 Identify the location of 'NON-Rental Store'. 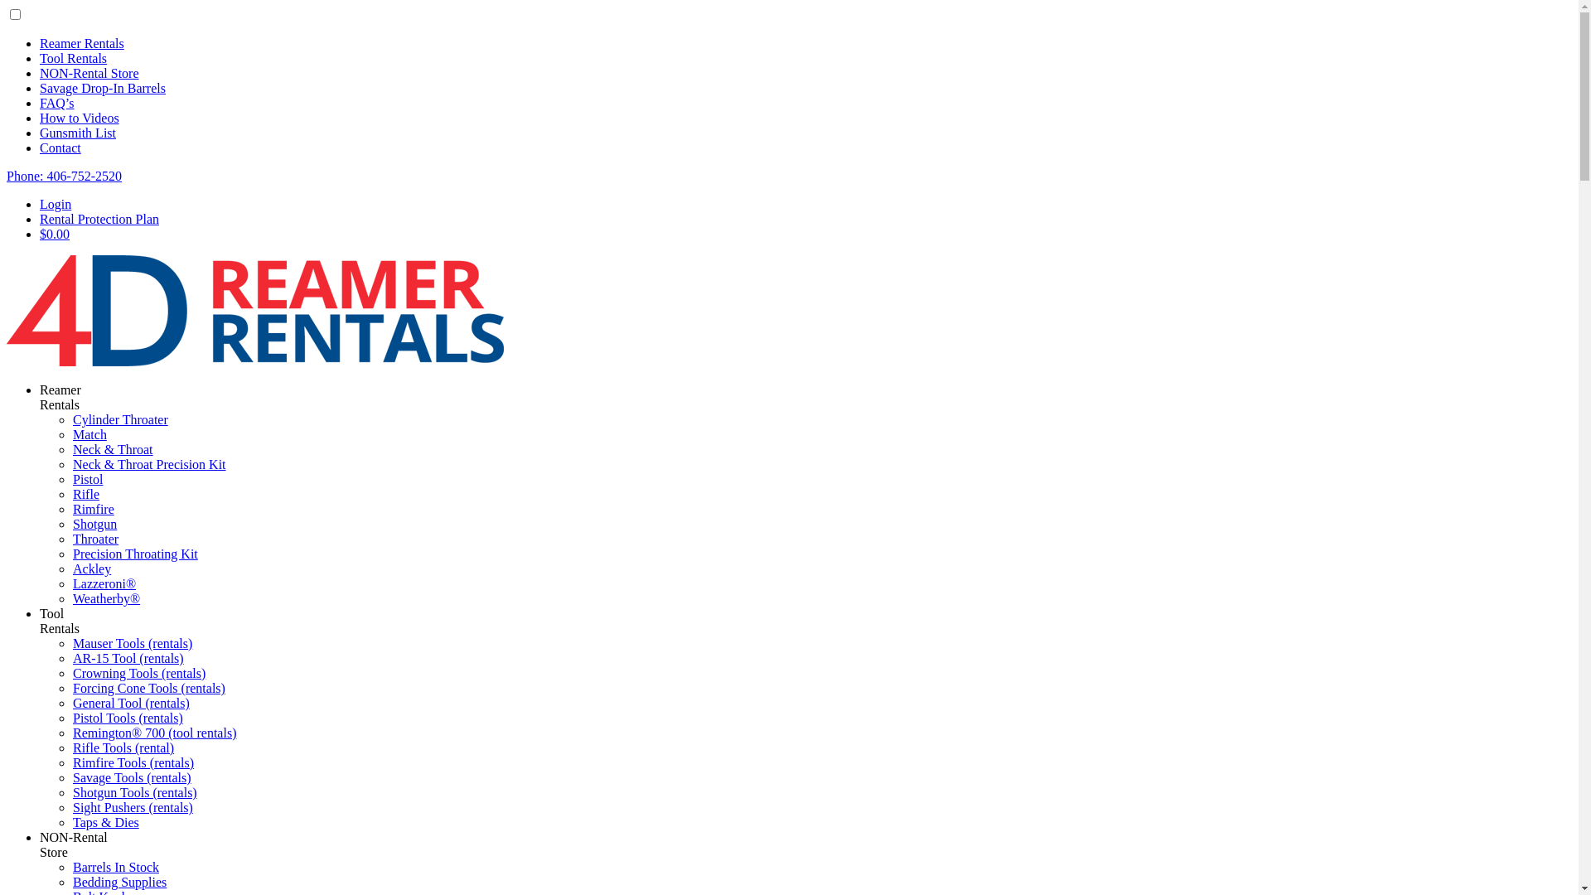
(88, 72).